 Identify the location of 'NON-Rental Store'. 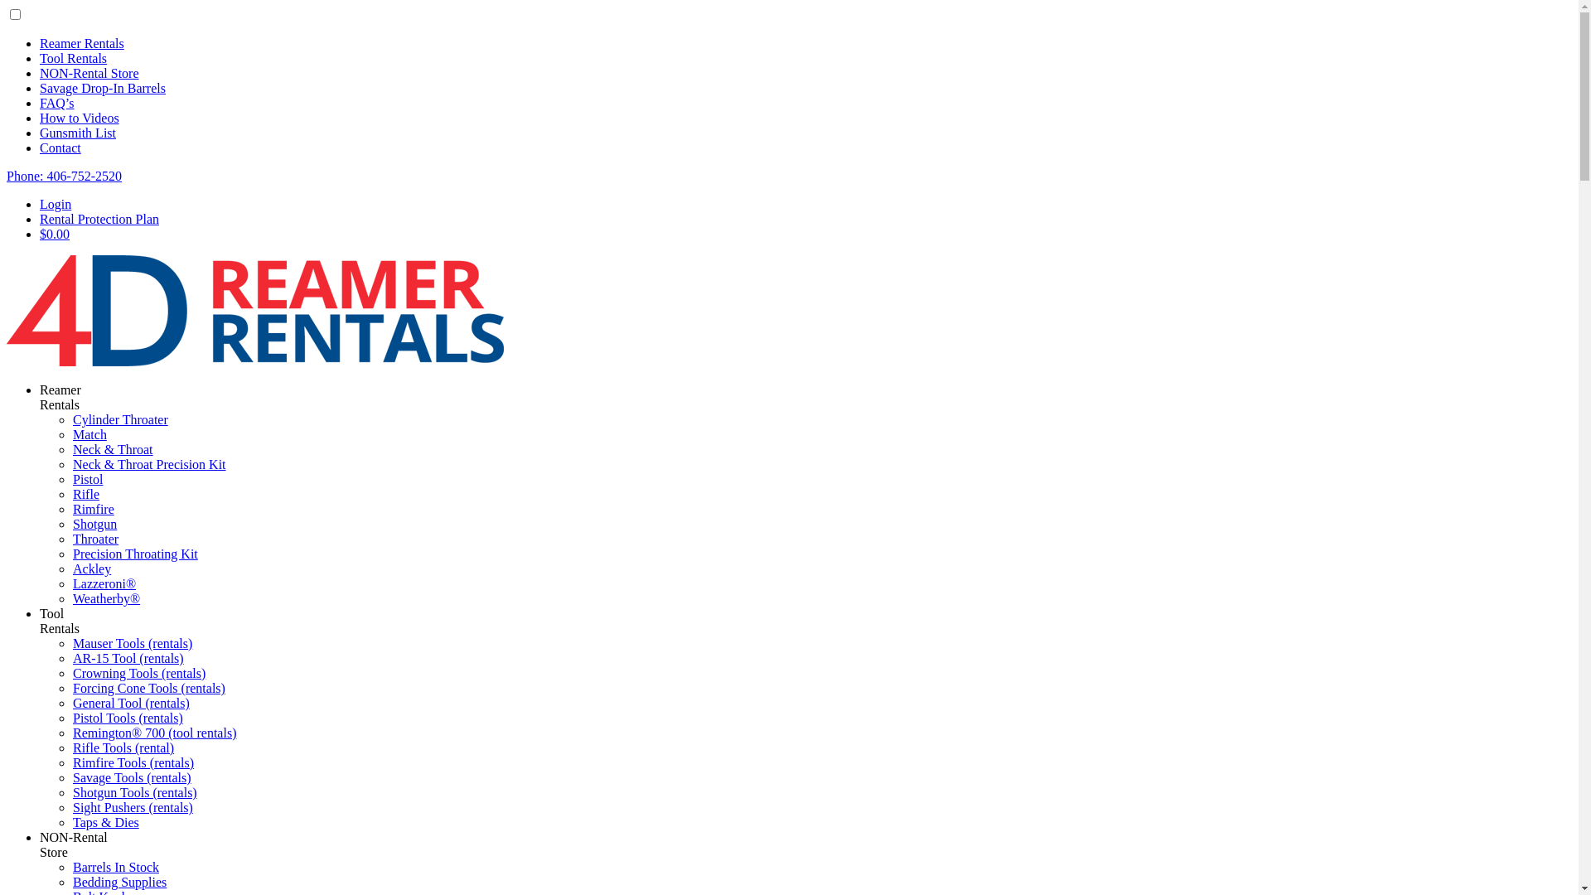
(88, 72).